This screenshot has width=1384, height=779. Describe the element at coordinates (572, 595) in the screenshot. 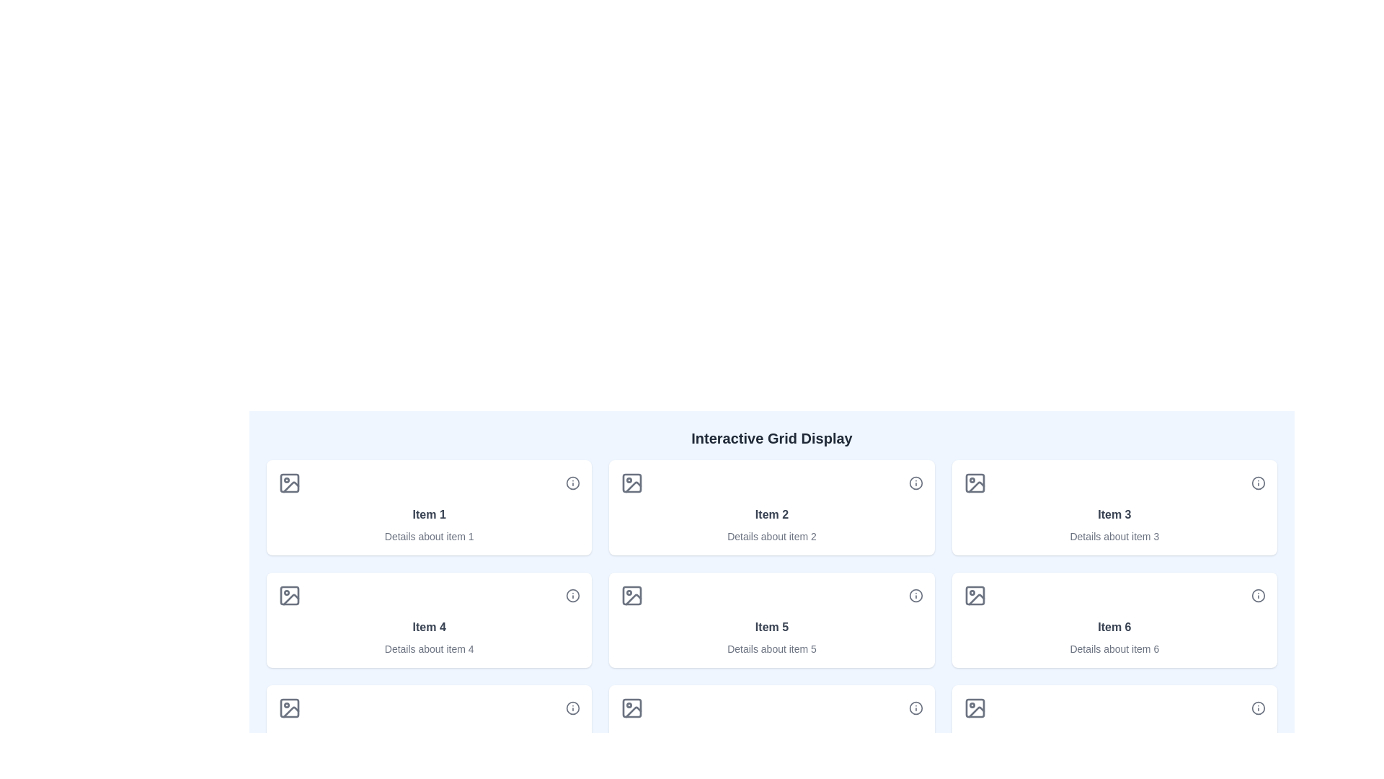

I see `the circular button featuring an outlined 'info' icon, located as the third item in the 'Item 4' module's grid display` at that location.